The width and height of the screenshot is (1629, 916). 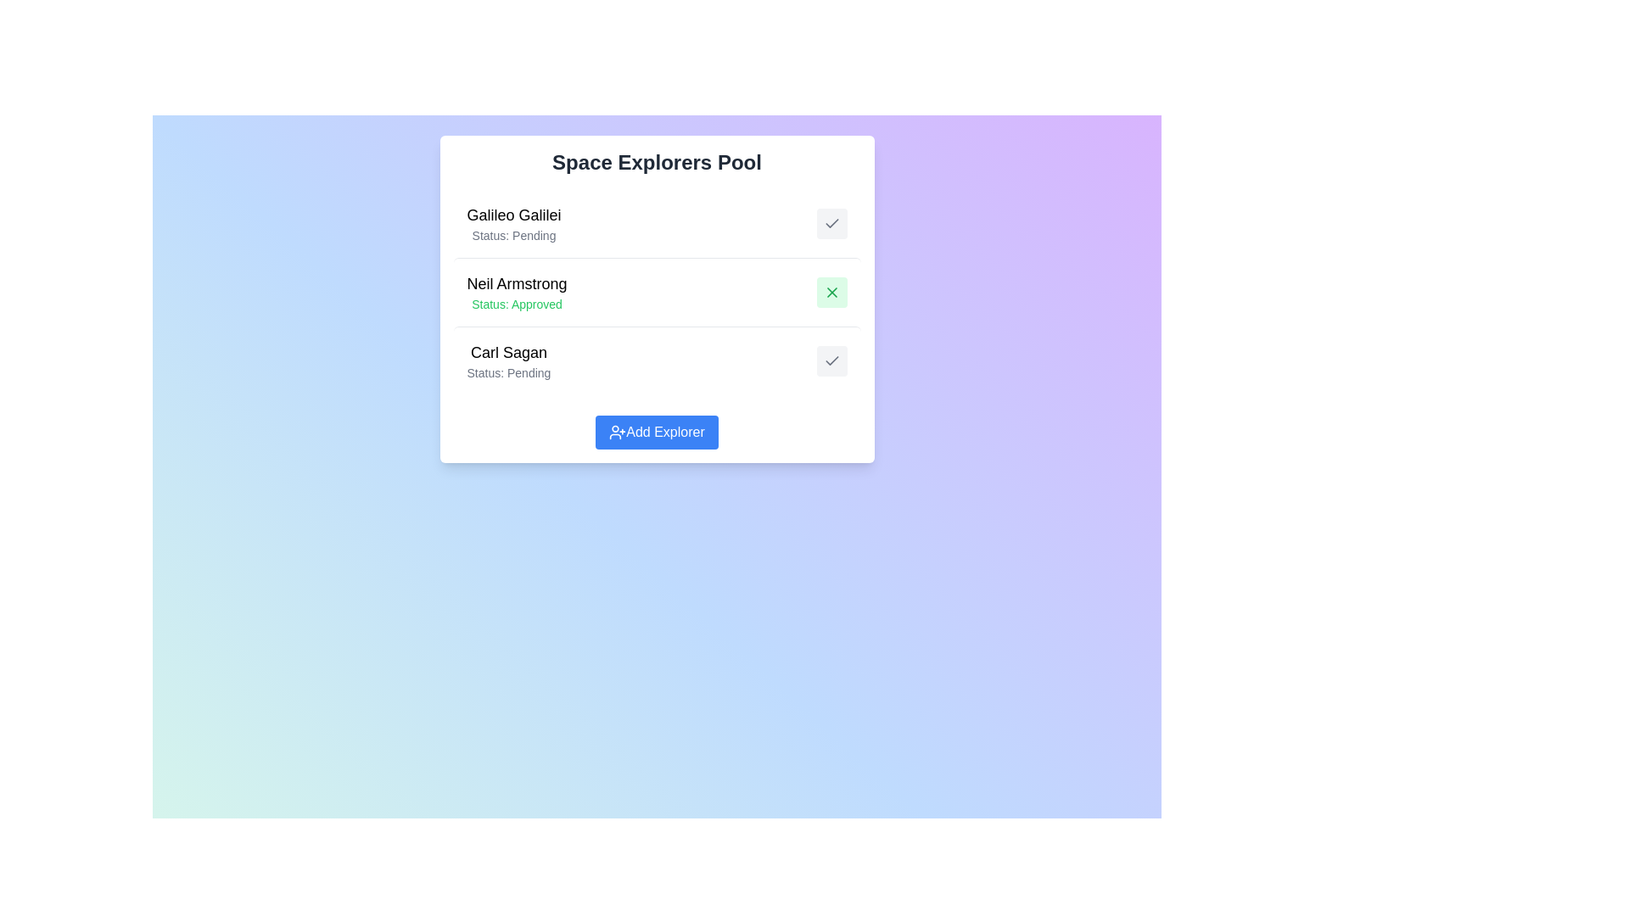 I want to click on the checkmark icon button enclosed within a light gray, rounded square located at the far-right corner of the row for 'Galileo Galilei', so click(x=831, y=222).